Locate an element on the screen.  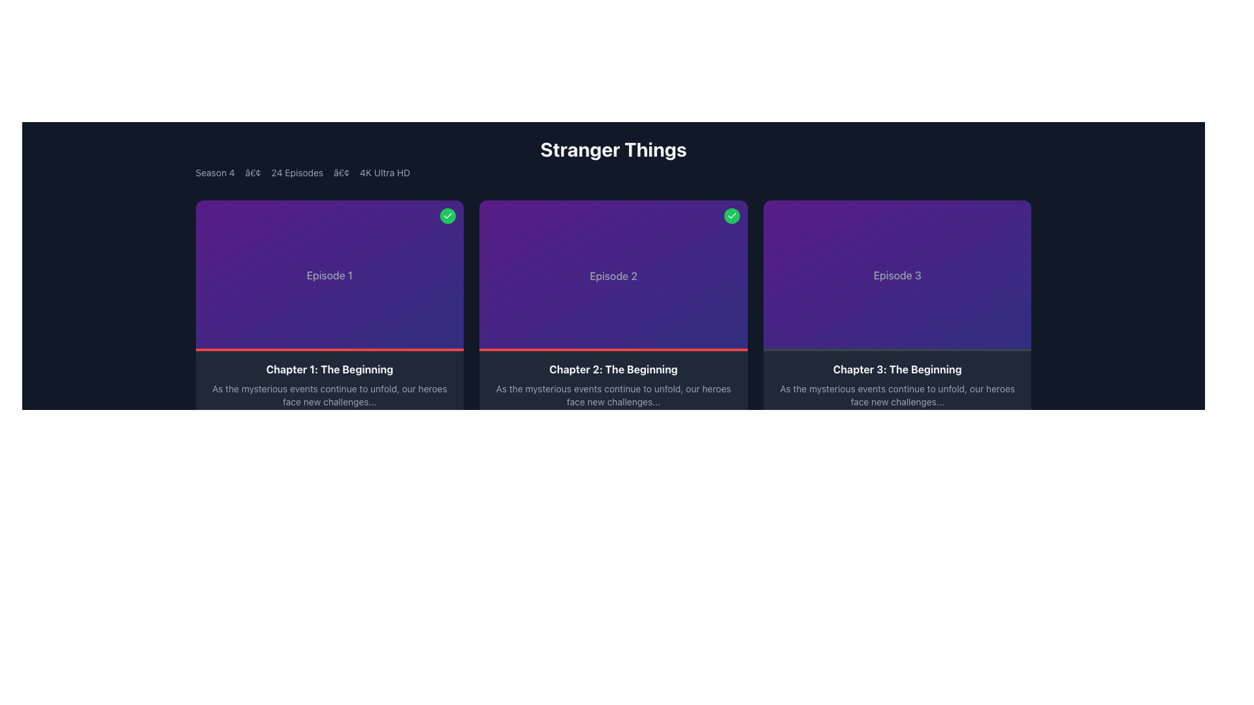
chapter title and description from the informational card section located at the bottom of the first card in a horizontally aligned list under the header 'Stranger Things' is located at coordinates (329, 399).